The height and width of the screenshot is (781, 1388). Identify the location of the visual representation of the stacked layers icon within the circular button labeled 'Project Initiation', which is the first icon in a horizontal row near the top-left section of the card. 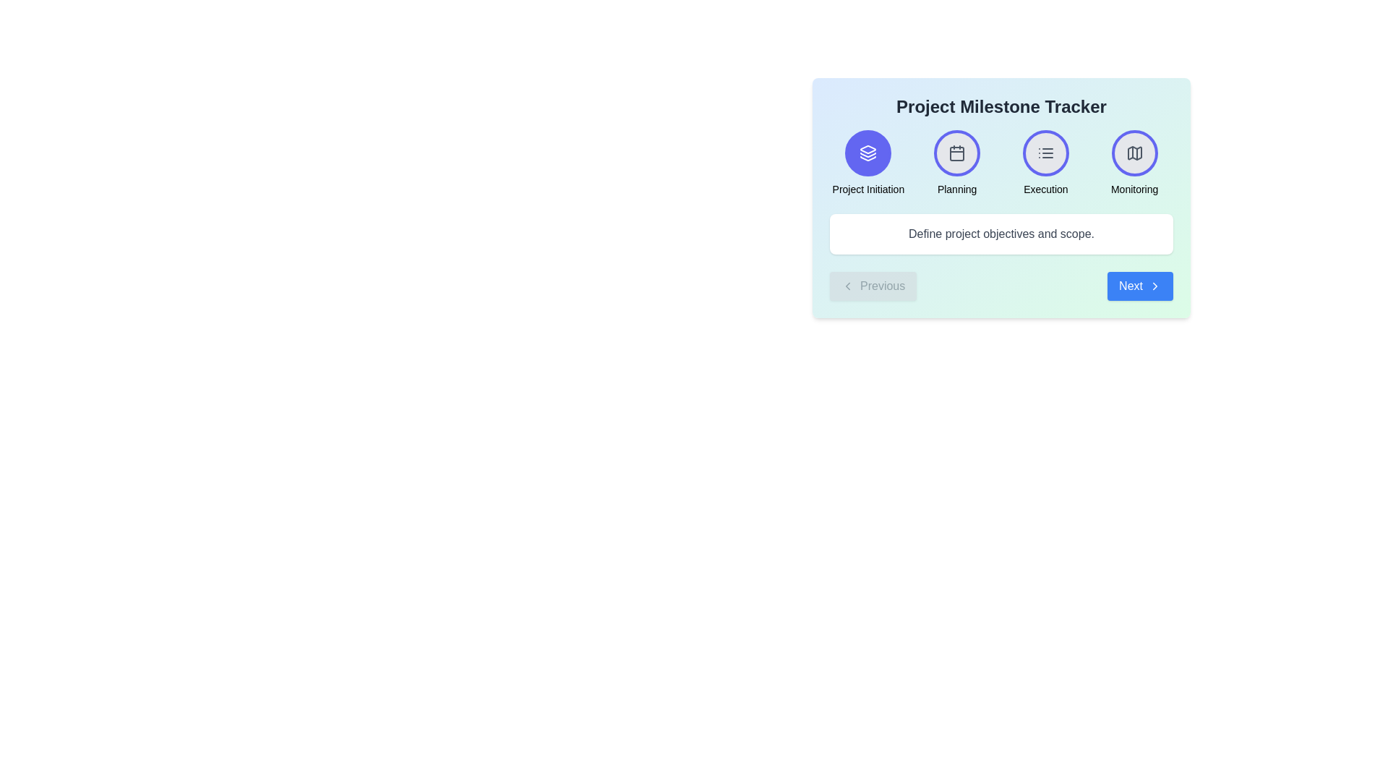
(867, 153).